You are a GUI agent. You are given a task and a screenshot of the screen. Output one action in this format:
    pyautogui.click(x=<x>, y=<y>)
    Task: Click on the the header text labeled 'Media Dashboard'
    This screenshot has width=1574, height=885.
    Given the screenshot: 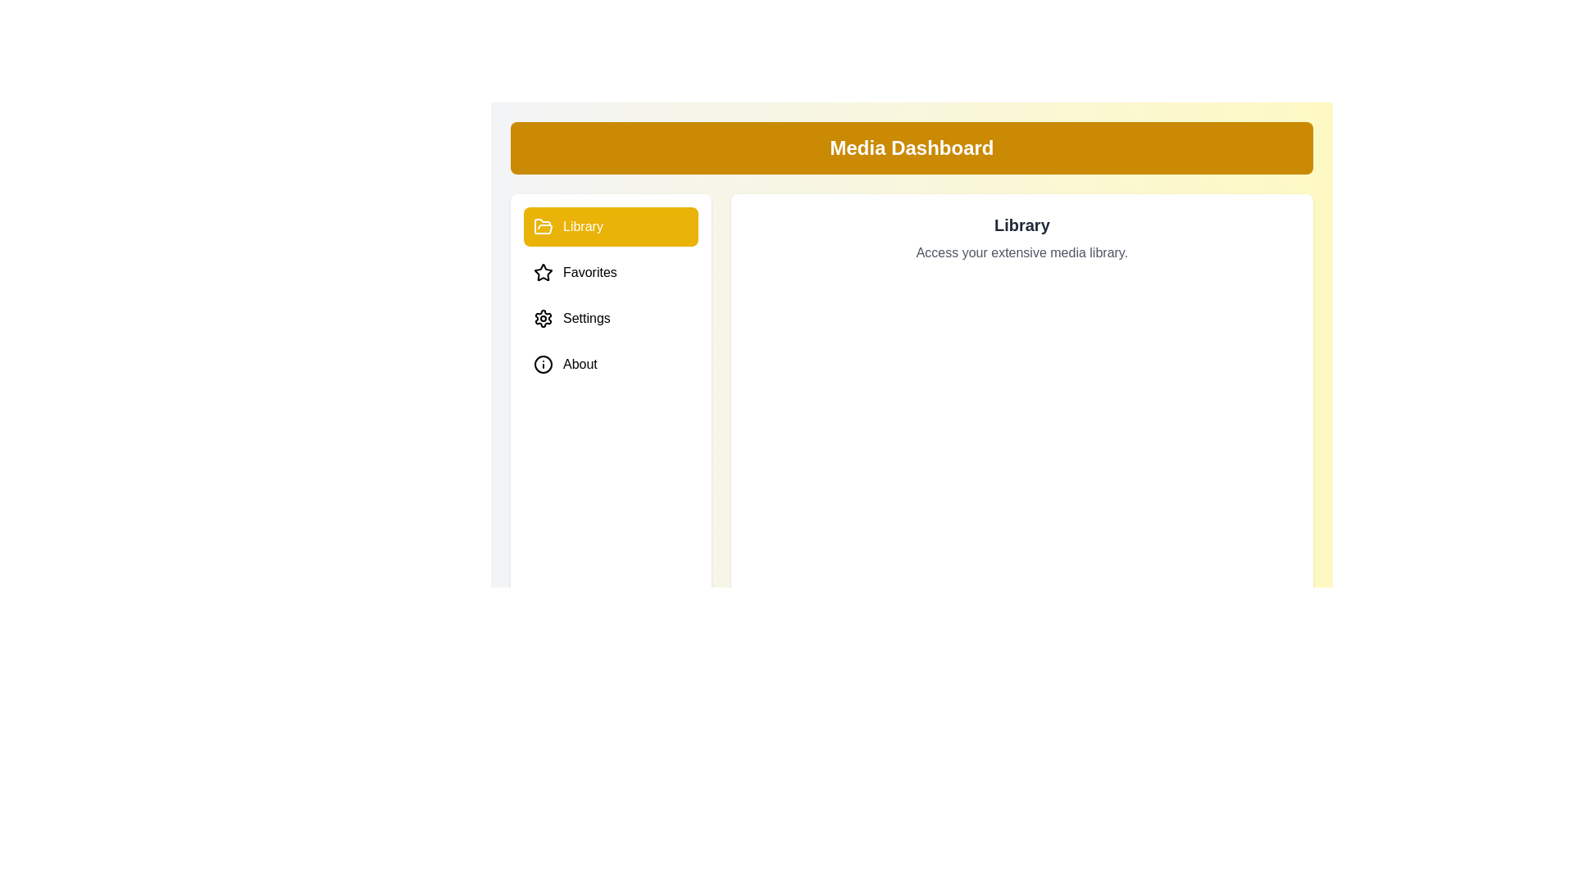 What is the action you would take?
    pyautogui.click(x=911, y=148)
    